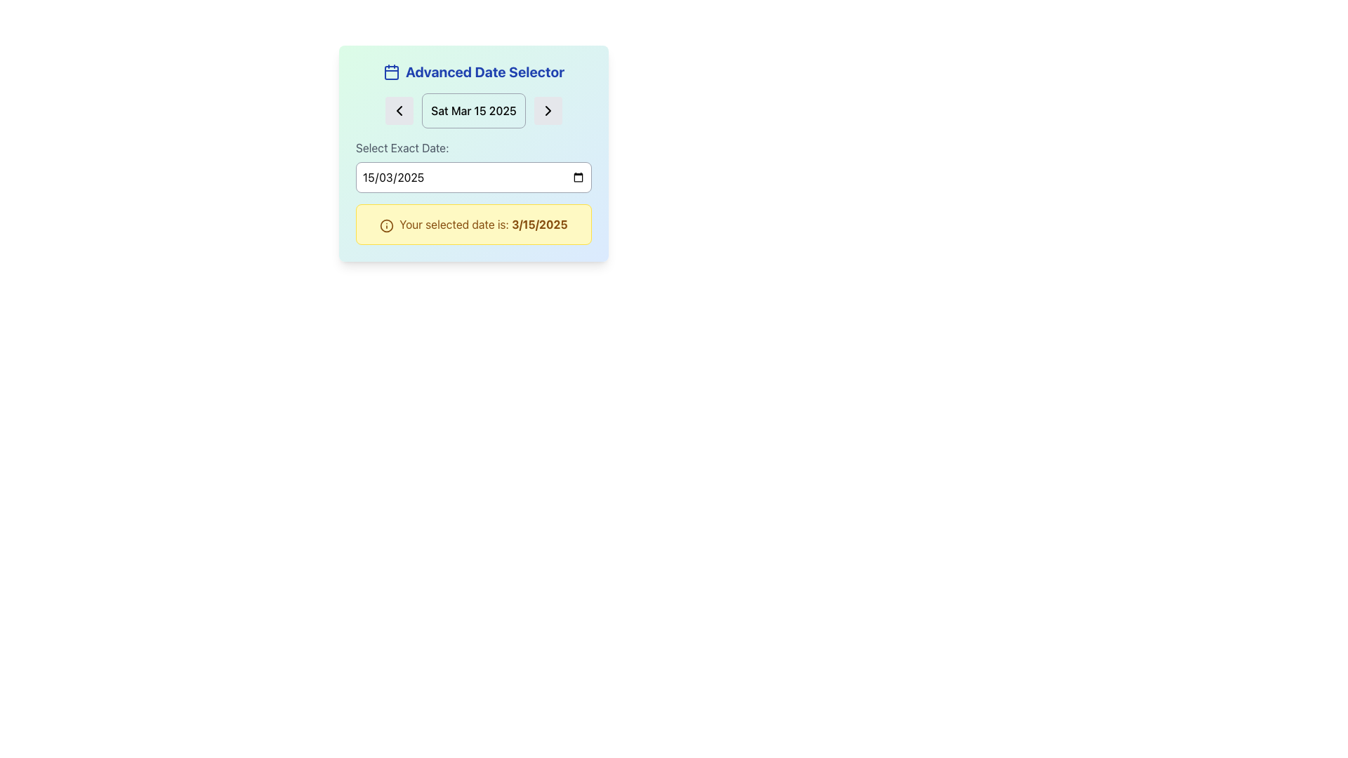  I want to click on the static text label that displays the currently selected date, positioned centrally between the left and right arrow buttons in the date selector module, so click(474, 110).